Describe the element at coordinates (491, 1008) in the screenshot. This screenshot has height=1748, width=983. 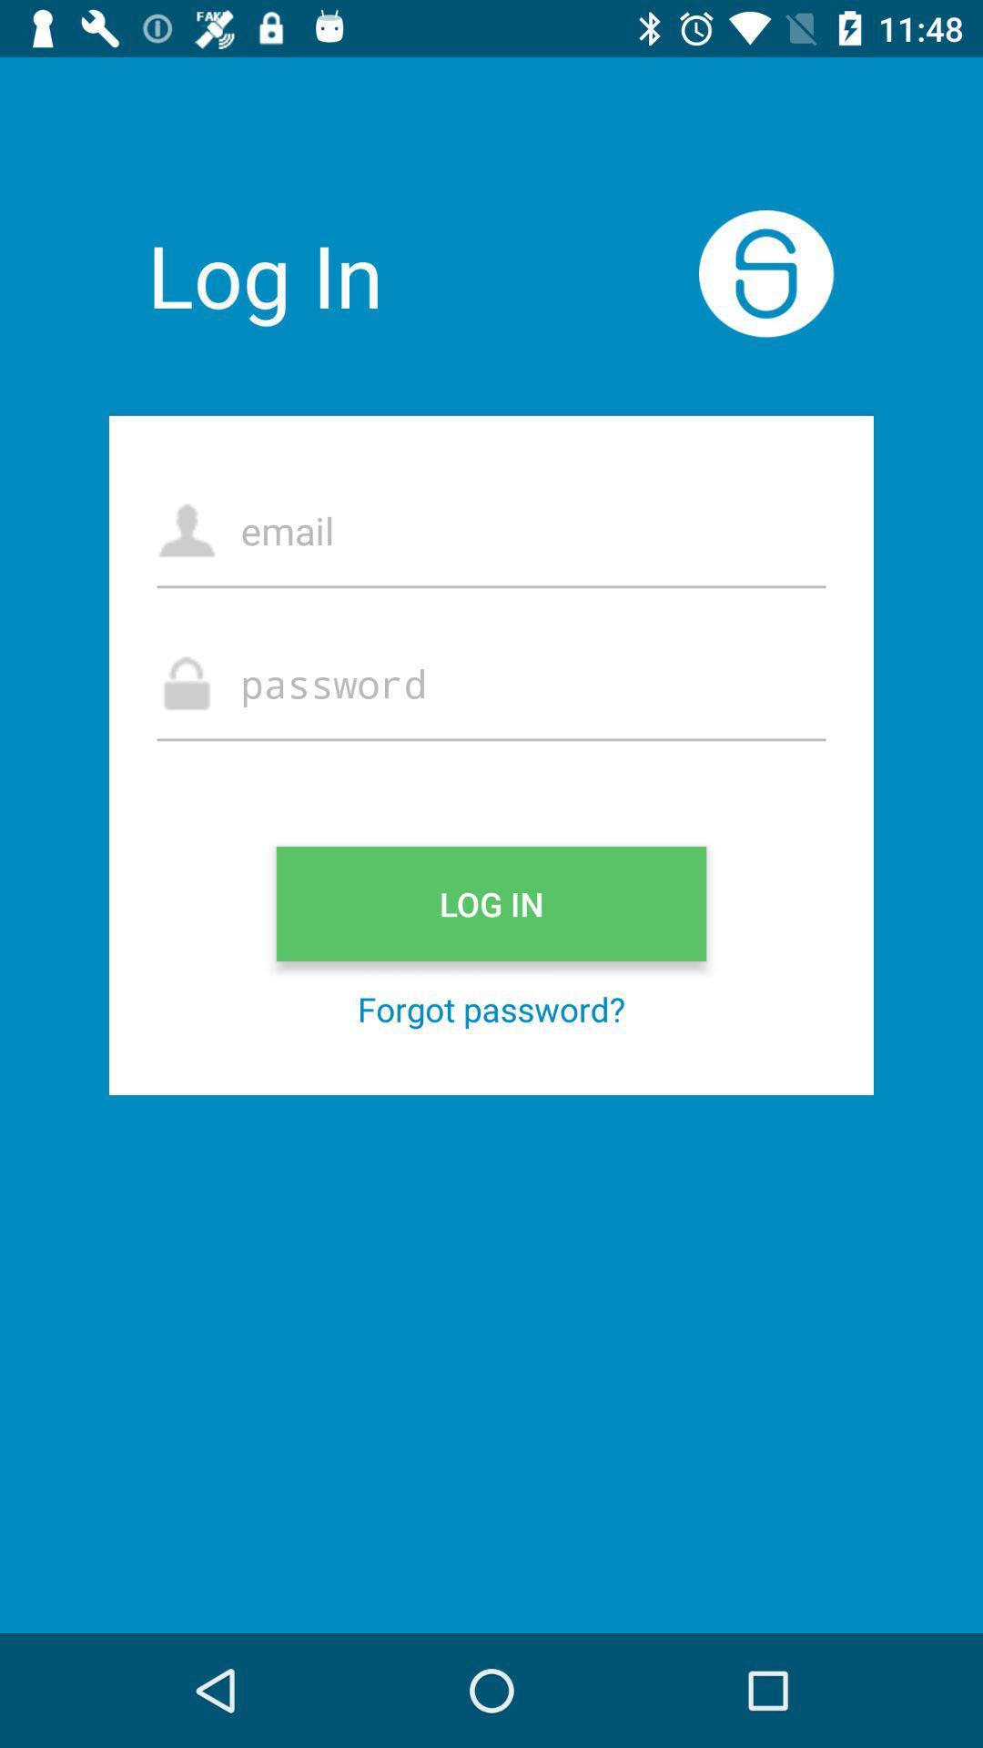
I see `the icon below log in` at that location.